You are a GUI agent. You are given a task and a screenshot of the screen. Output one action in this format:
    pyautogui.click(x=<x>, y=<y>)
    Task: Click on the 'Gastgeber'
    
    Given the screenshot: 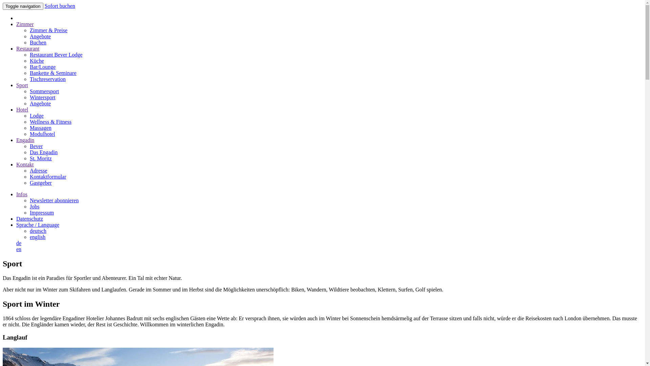 What is the action you would take?
    pyautogui.click(x=40, y=182)
    